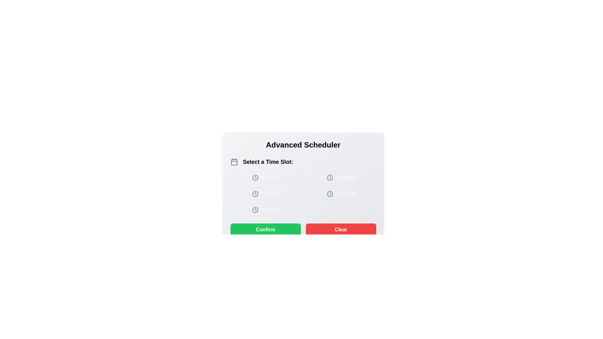  Describe the element at coordinates (340, 229) in the screenshot. I see `the clear button located at the bottom center of the interface, which is the second button in a button group to the right of the green 'Confirm' button` at that location.